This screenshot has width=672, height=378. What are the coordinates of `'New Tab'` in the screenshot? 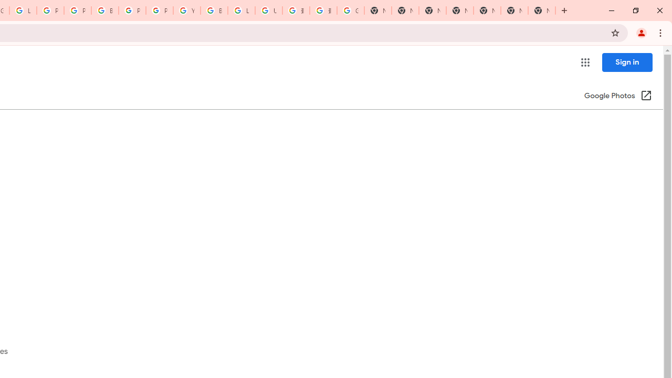 It's located at (542, 10).